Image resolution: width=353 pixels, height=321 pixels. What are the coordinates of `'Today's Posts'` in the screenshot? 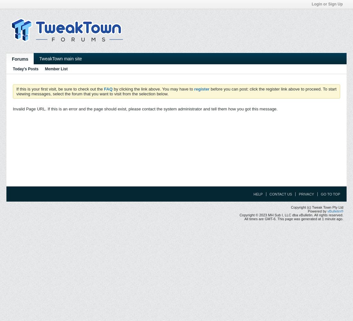 It's located at (13, 69).